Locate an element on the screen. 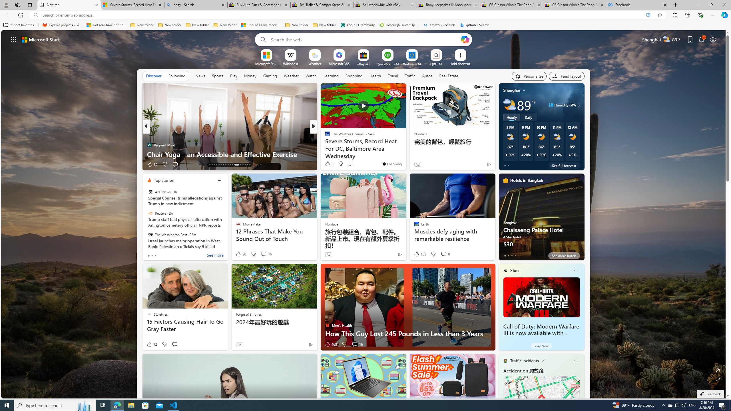 The image size is (731, 411). 'View comments 8 Comment' is located at coordinates (443, 253).